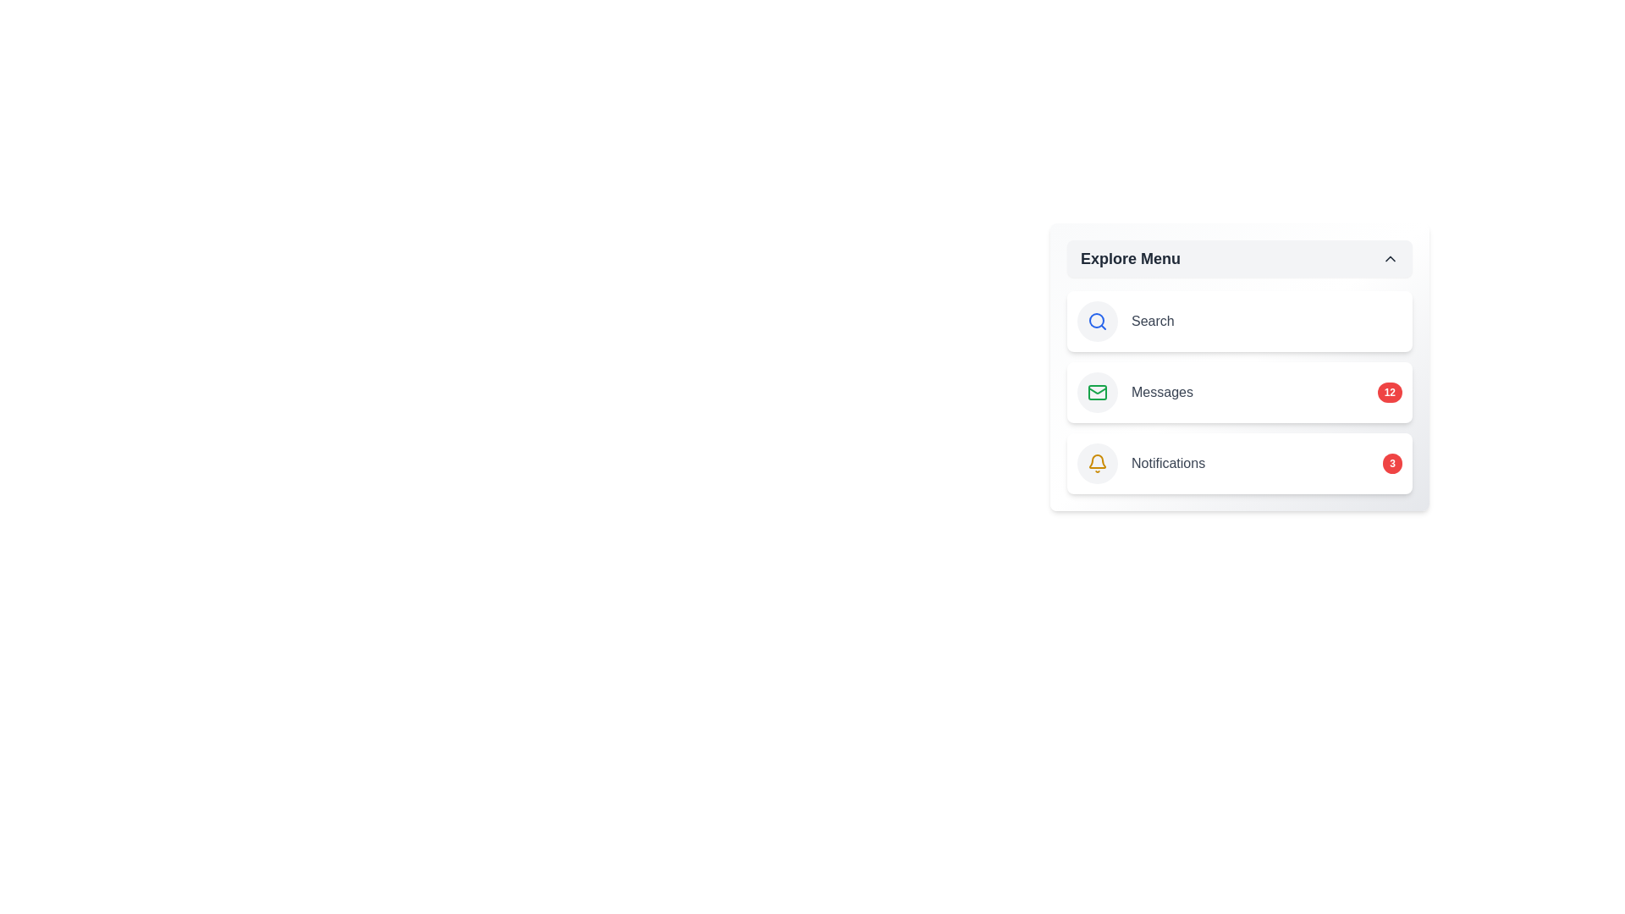  Describe the element at coordinates (1239, 392) in the screenshot. I see `the 'Messages' menu item to interact with it` at that location.